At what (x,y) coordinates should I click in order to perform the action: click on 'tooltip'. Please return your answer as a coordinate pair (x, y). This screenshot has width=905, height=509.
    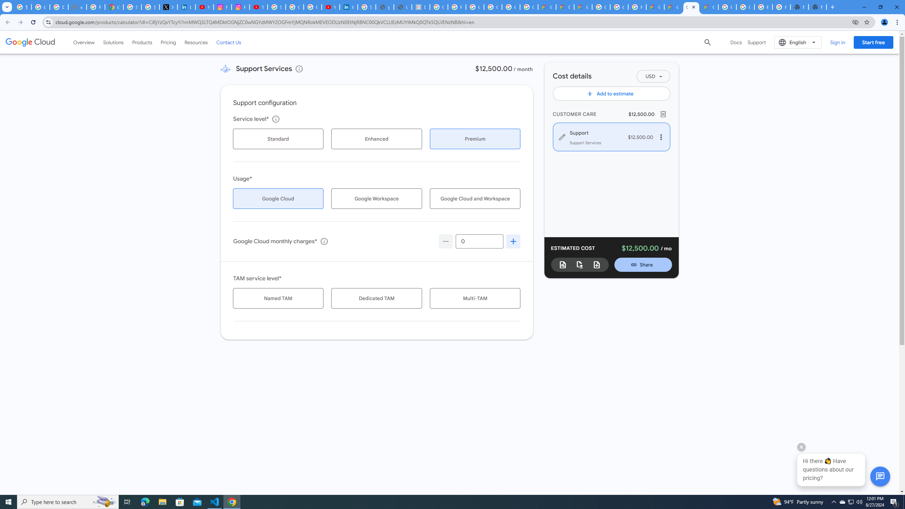
    Looking at the image, I should click on (324, 241).